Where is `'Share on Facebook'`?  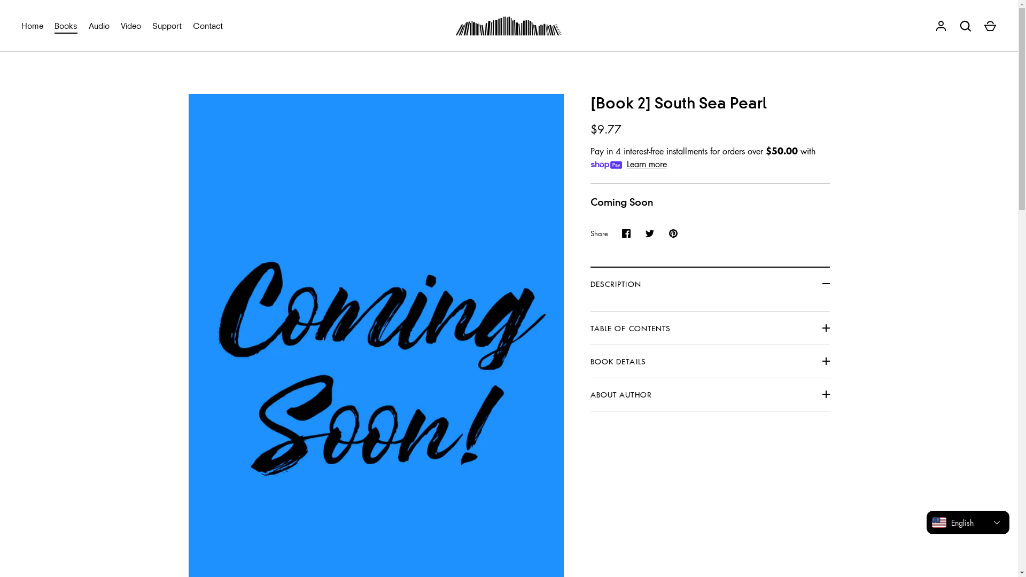 'Share on Facebook' is located at coordinates (615, 232).